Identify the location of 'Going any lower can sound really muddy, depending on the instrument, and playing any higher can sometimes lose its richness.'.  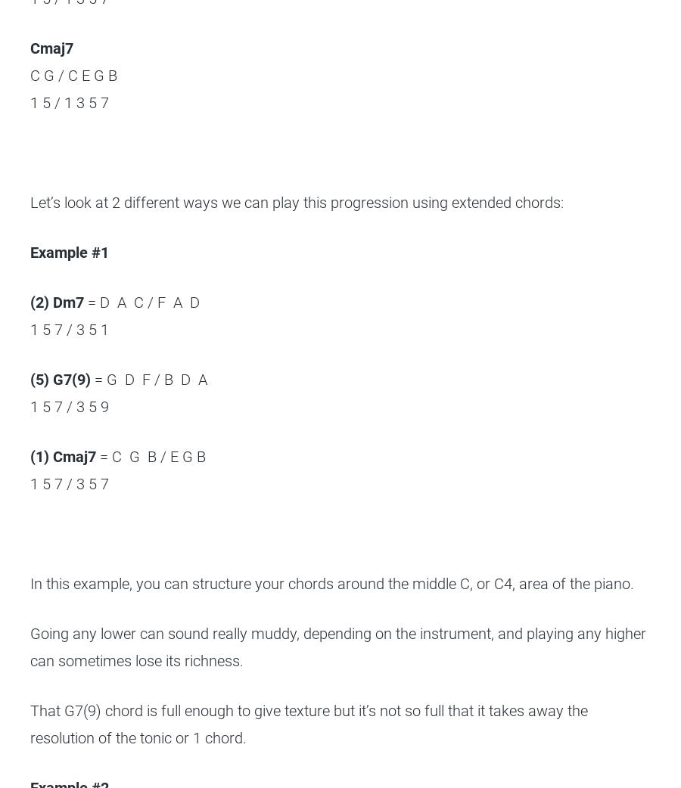
(338, 647).